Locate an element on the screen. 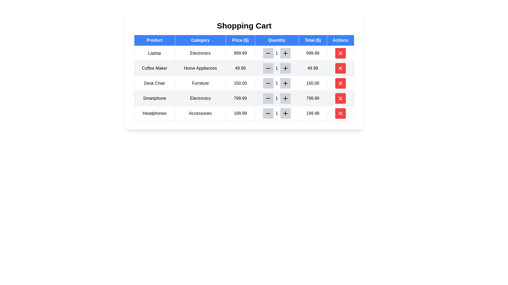 The height and width of the screenshot is (285, 508). displayed text '49.99' from the Text element located under the 'Price ($)' column for the 'Coffee Maker' entry in the table is located at coordinates (240, 68).